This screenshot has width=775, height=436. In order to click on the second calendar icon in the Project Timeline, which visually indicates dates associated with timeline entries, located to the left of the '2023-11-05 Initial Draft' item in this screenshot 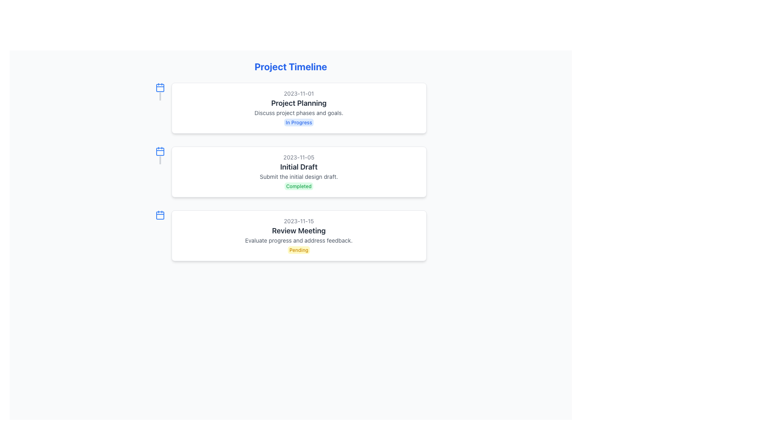, I will do `click(160, 151)`.